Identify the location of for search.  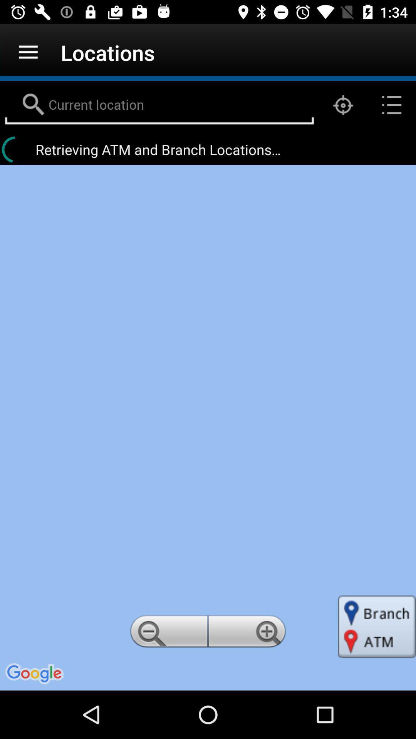
(159, 105).